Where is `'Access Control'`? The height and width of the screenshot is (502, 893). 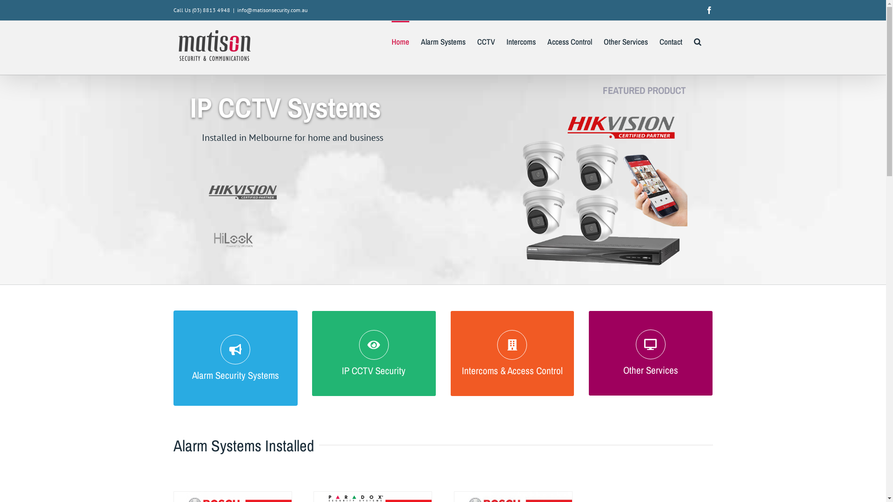
'Access Control' is located at coordinates (569, 40).